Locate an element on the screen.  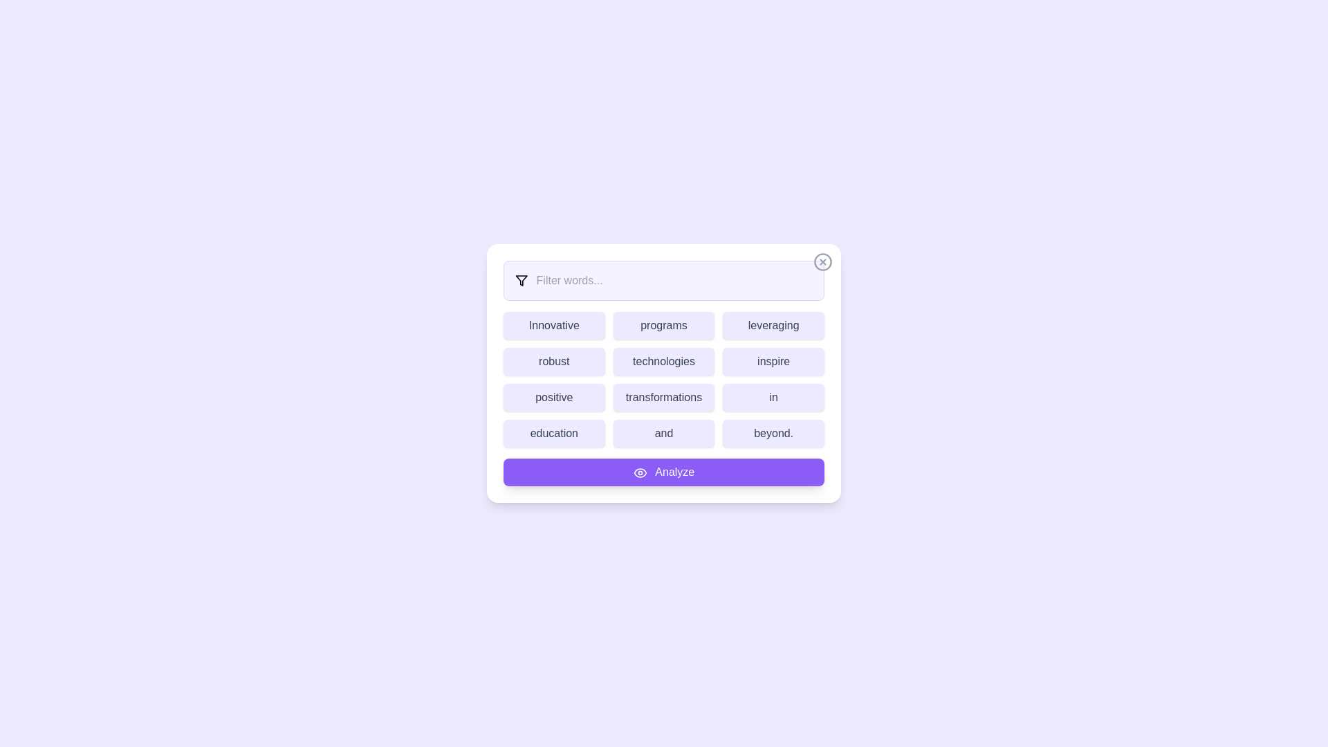
the Analyze button to trigger the analyze action is located at coordinates (664, 471).